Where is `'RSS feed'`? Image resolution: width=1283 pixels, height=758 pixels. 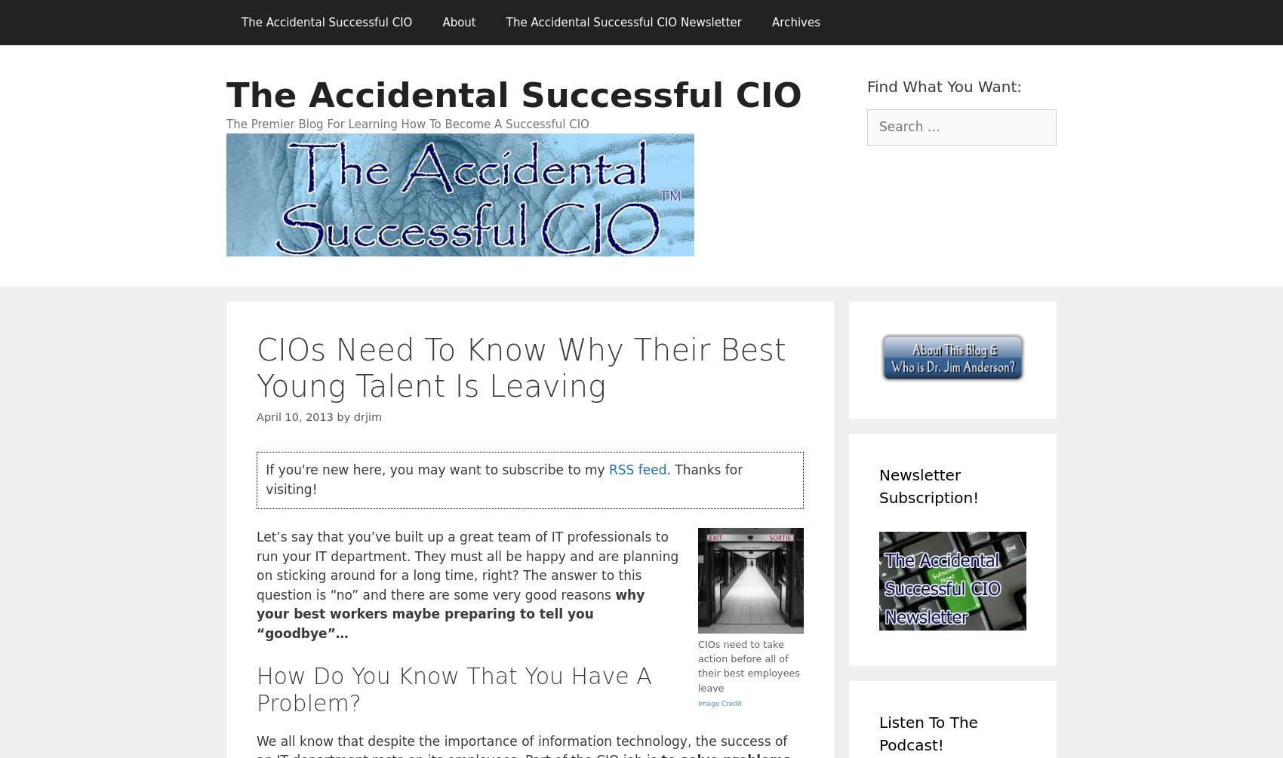
'RSS feed' is located at coordinates (636, 468).